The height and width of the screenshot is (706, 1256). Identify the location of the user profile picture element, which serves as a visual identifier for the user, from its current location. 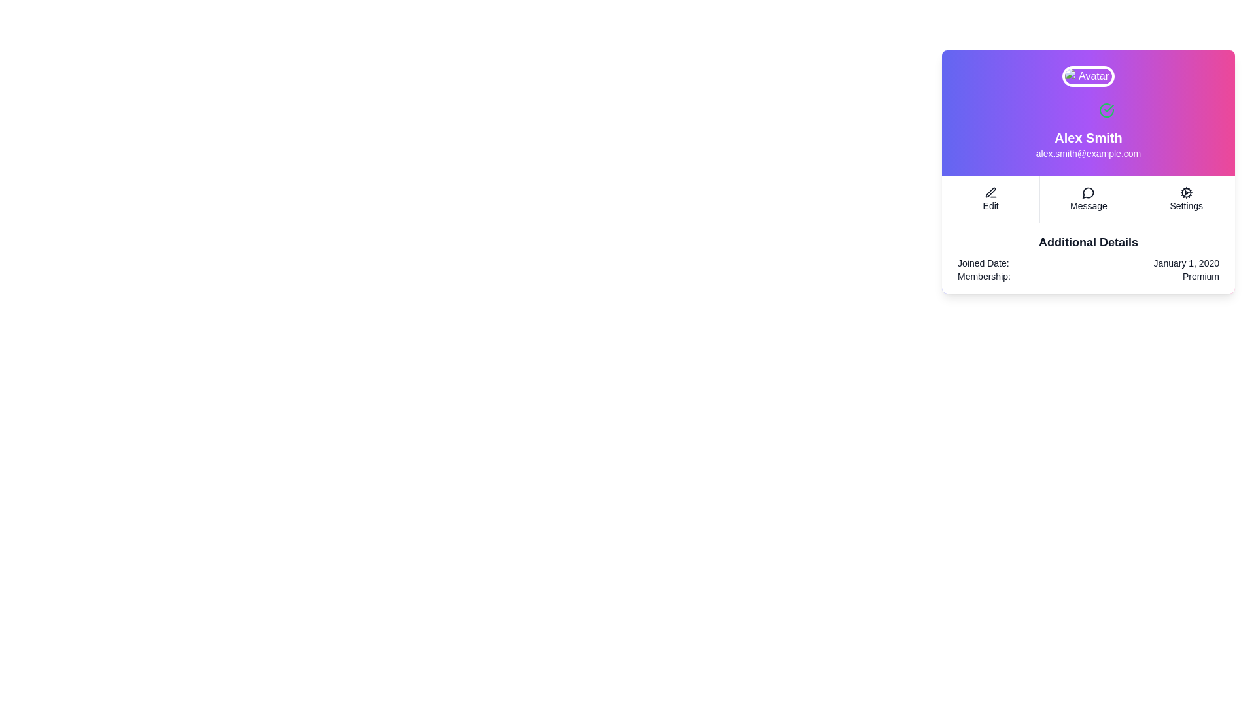
(1089, 76).